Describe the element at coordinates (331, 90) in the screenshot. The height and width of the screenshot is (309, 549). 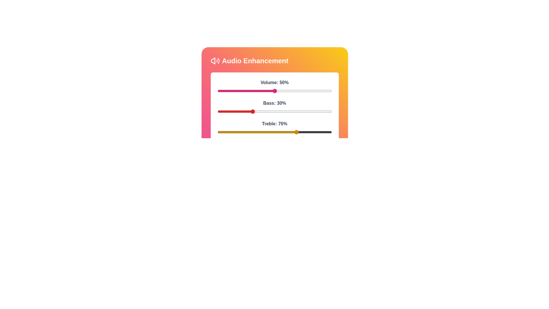
I see `the volume` at that location.